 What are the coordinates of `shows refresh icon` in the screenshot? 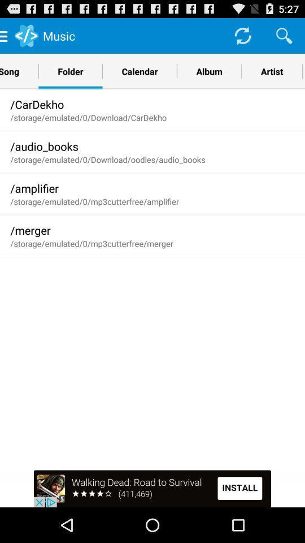 It's located at (242, 35).